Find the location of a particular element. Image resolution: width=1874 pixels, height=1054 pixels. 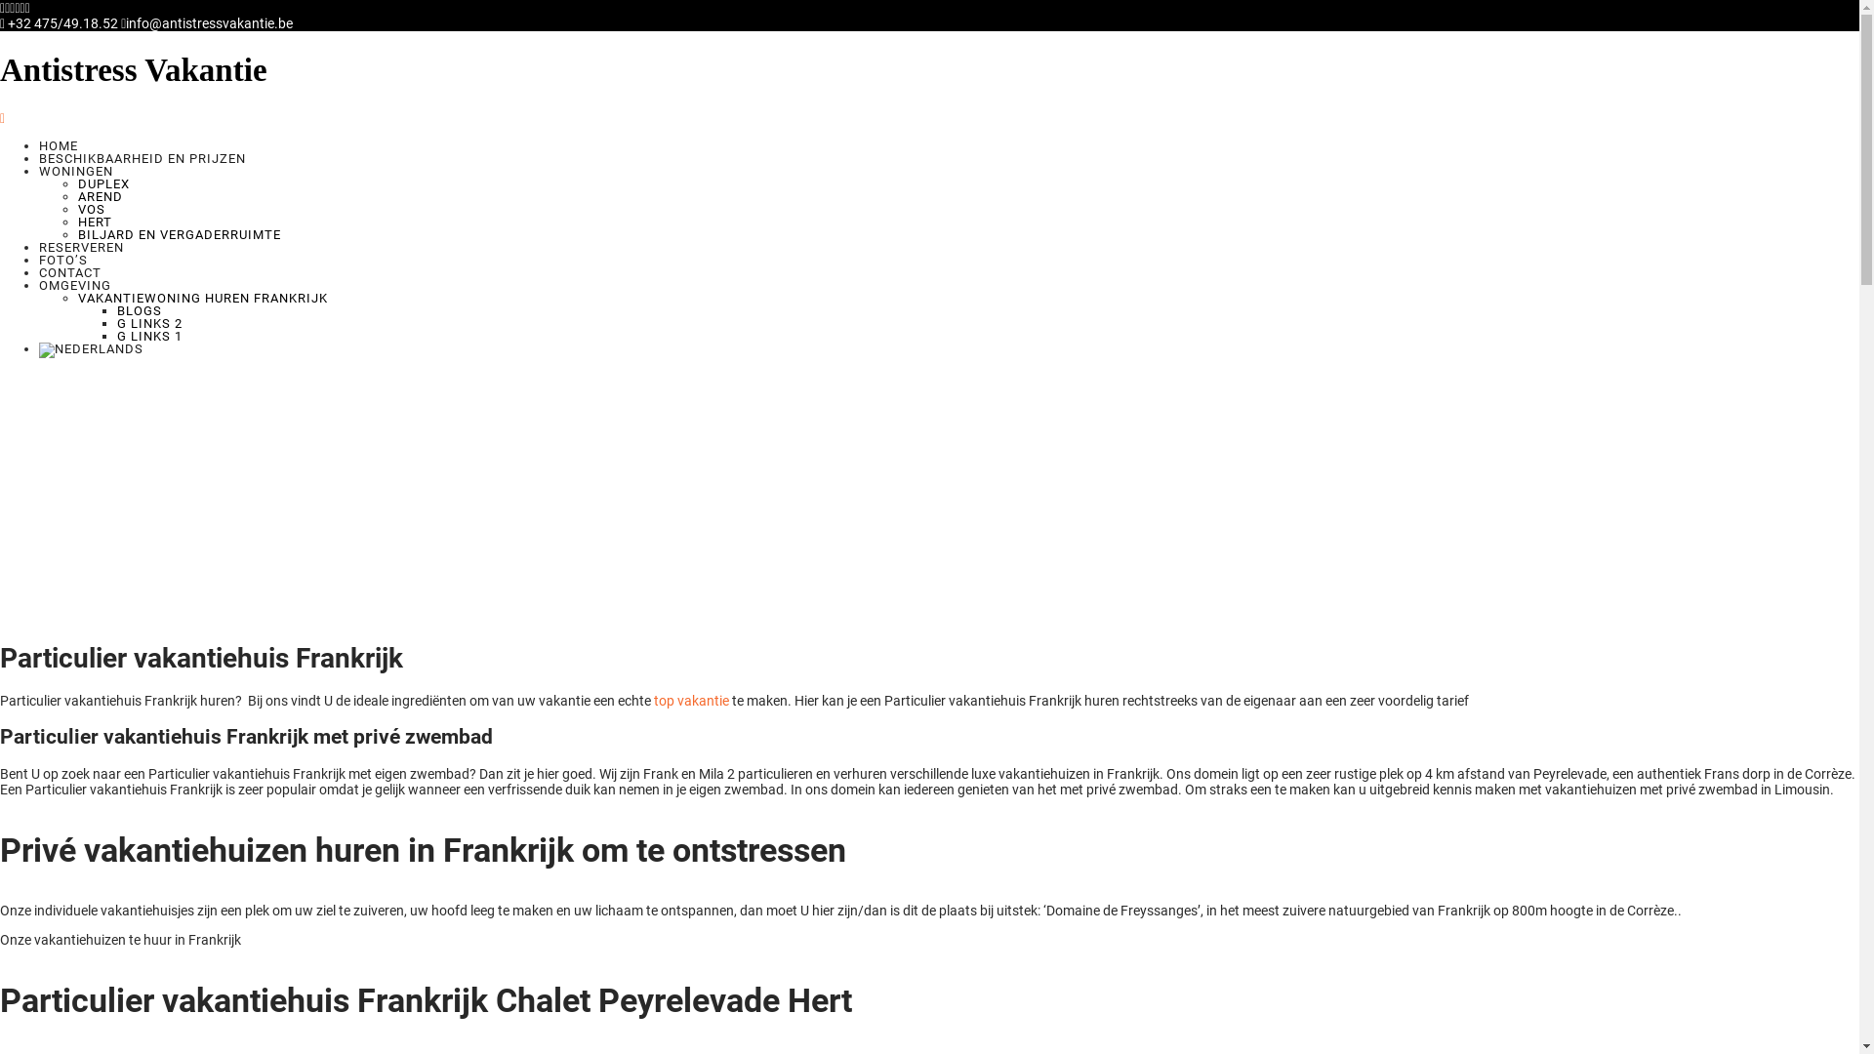

'G LINKS 1' is located at coordinates (148, 335).